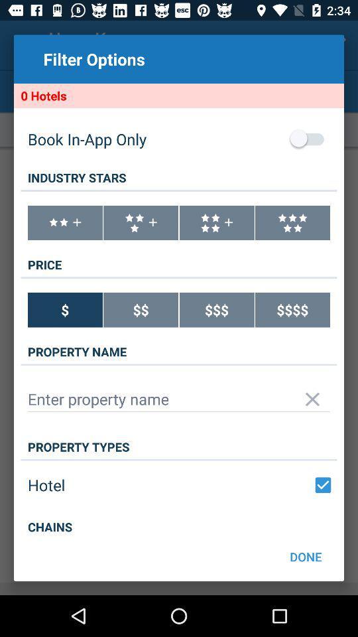 This screenshot has height=637, width=358. What do you see at coordinates (312, 398) in the screenshot?
I see `option` at bounding box center [312, 398].